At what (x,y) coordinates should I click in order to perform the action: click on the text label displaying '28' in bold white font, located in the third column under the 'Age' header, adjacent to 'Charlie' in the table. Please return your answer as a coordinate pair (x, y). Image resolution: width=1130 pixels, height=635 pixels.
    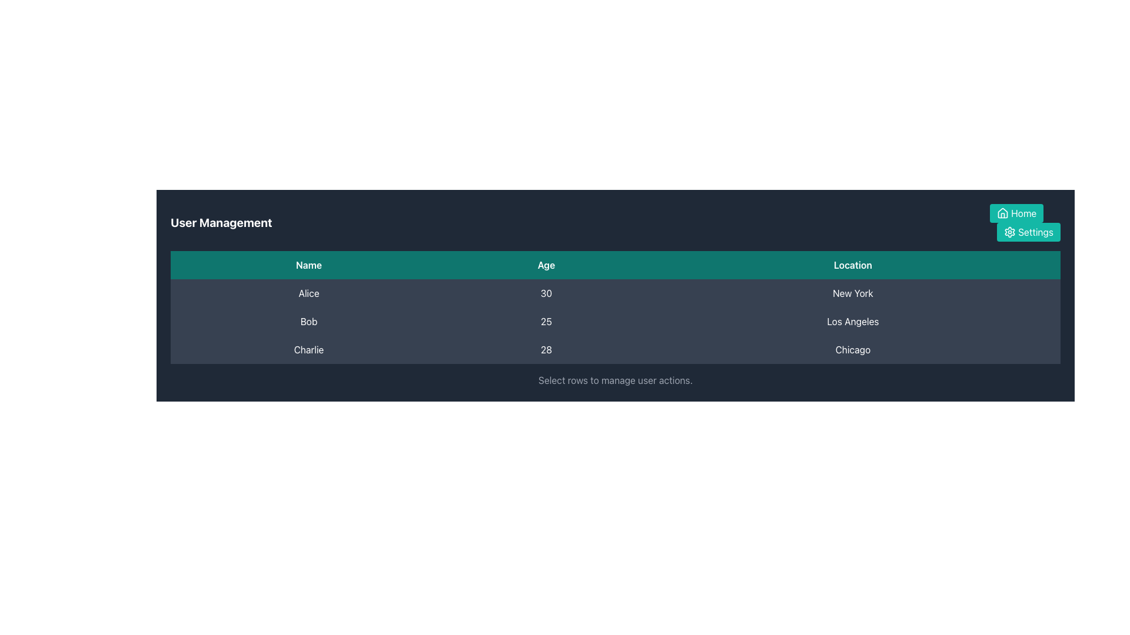
    Looking at the image, I should click on (546, 349).